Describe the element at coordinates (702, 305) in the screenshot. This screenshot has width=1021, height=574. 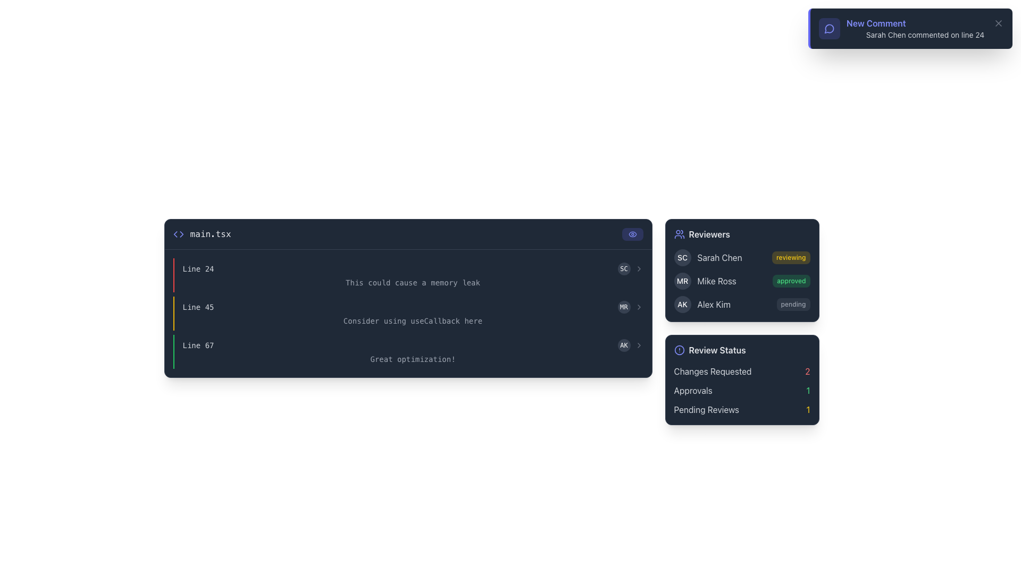
I see `the User Identity Display representing the reviewer identity in the 'Reviewers' list, which is the third item below 'Sarah Chen' and 'Mike Ross'` at that location.